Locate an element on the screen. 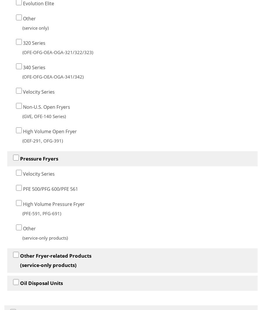 This screenshot has width=262, height=310. '(GVE, OFE-140 Series)' is located at coordinates (44, 116).